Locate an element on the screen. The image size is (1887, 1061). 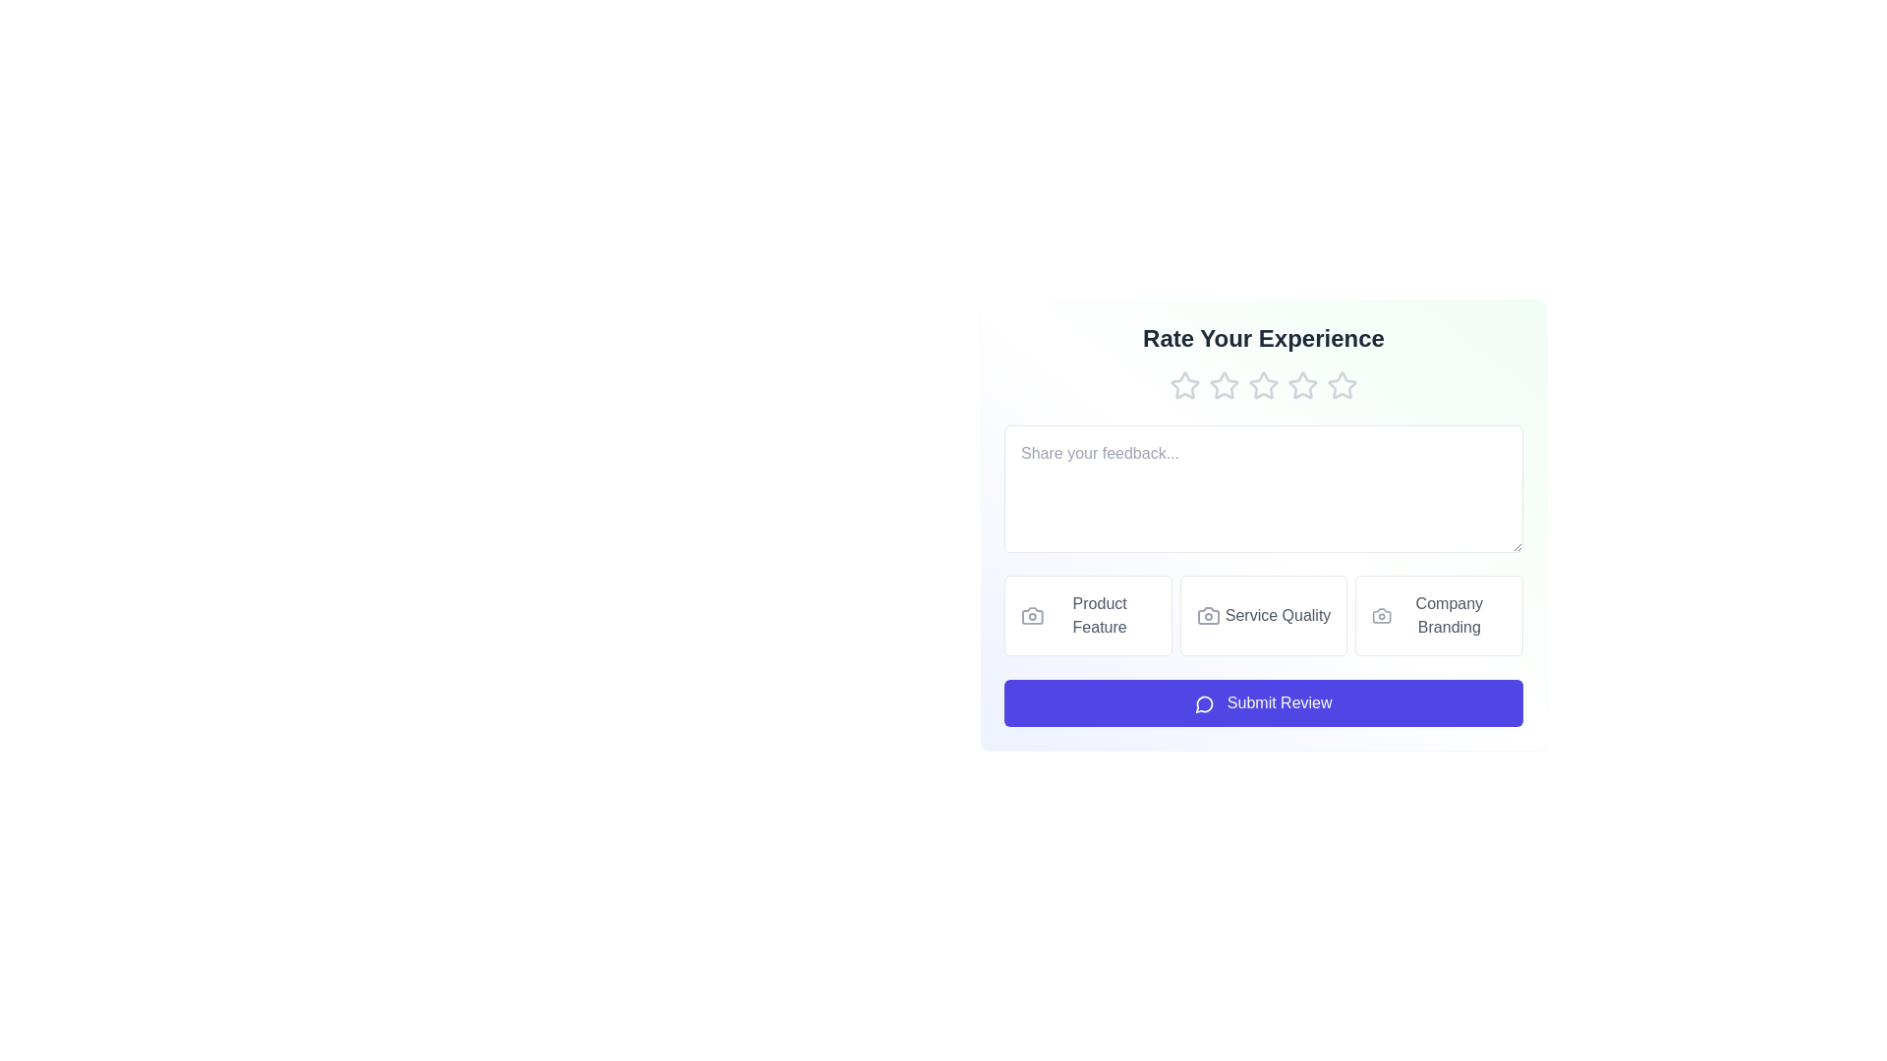
the star corresponding to the rating 4 to set it is located at coordinates (1302, 386).